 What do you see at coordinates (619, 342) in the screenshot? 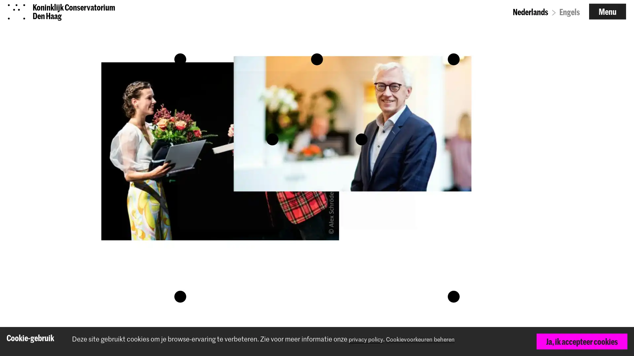
I see `Hide notifications` at bounding box center [619, 342].